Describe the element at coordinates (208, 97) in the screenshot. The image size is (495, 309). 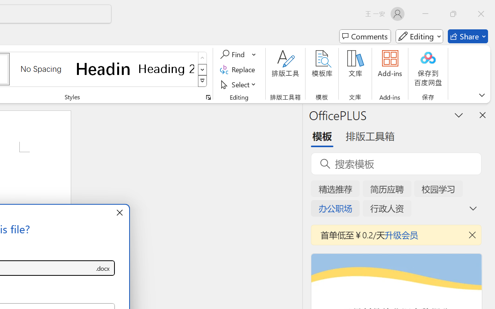
I see `'Styles...'` at that location.